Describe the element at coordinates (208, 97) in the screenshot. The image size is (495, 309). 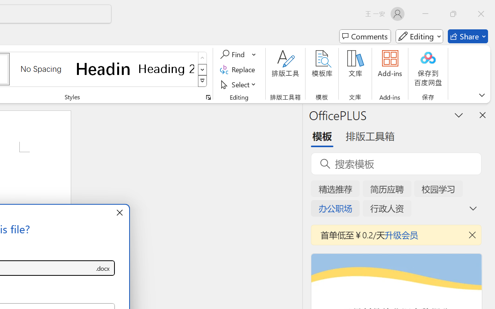
I see `'Styles...'` at that location.